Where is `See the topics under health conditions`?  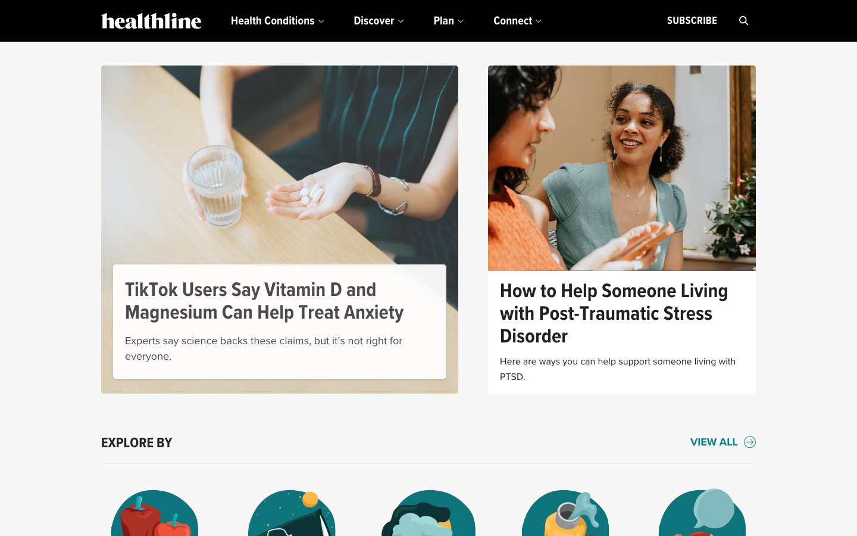 See the topics under health conditions is located at coordinates (277, 20).